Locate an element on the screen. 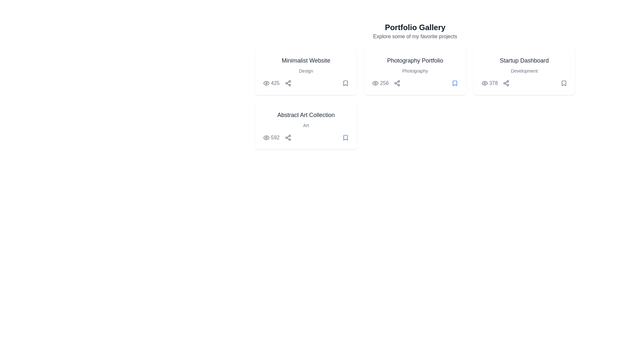  the bookmark icon located in the bottom-left corner of the 'Abstract Art Collection' card to bookmark the associated project is located at coordinates (345, 137).